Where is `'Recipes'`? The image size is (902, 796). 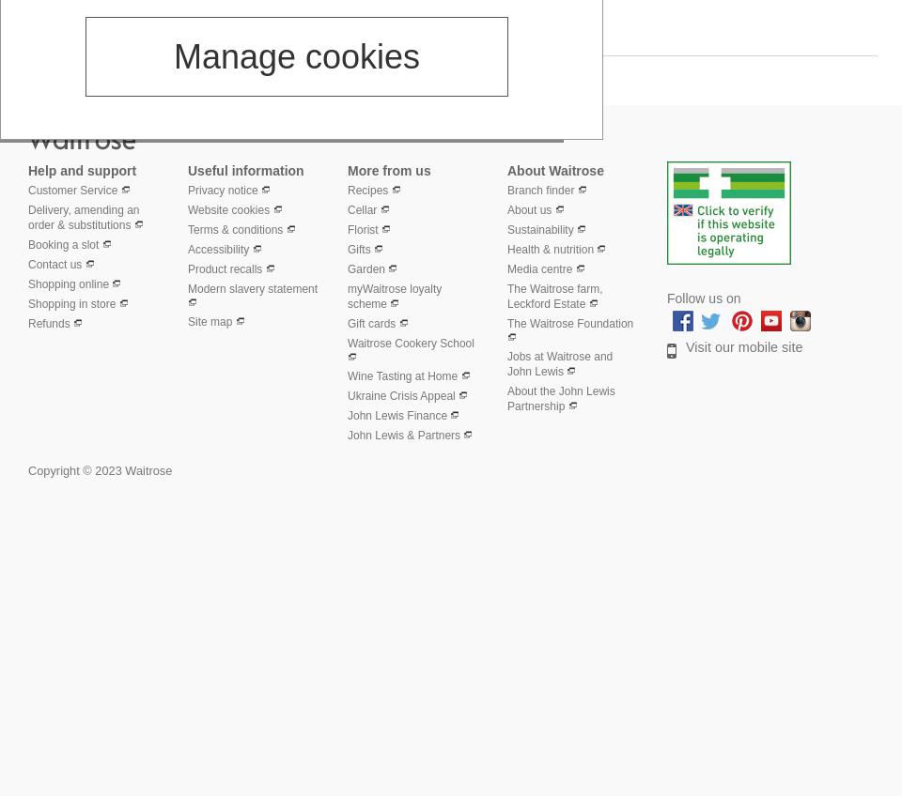 'Recipes' is located at coordinates (346, 189).